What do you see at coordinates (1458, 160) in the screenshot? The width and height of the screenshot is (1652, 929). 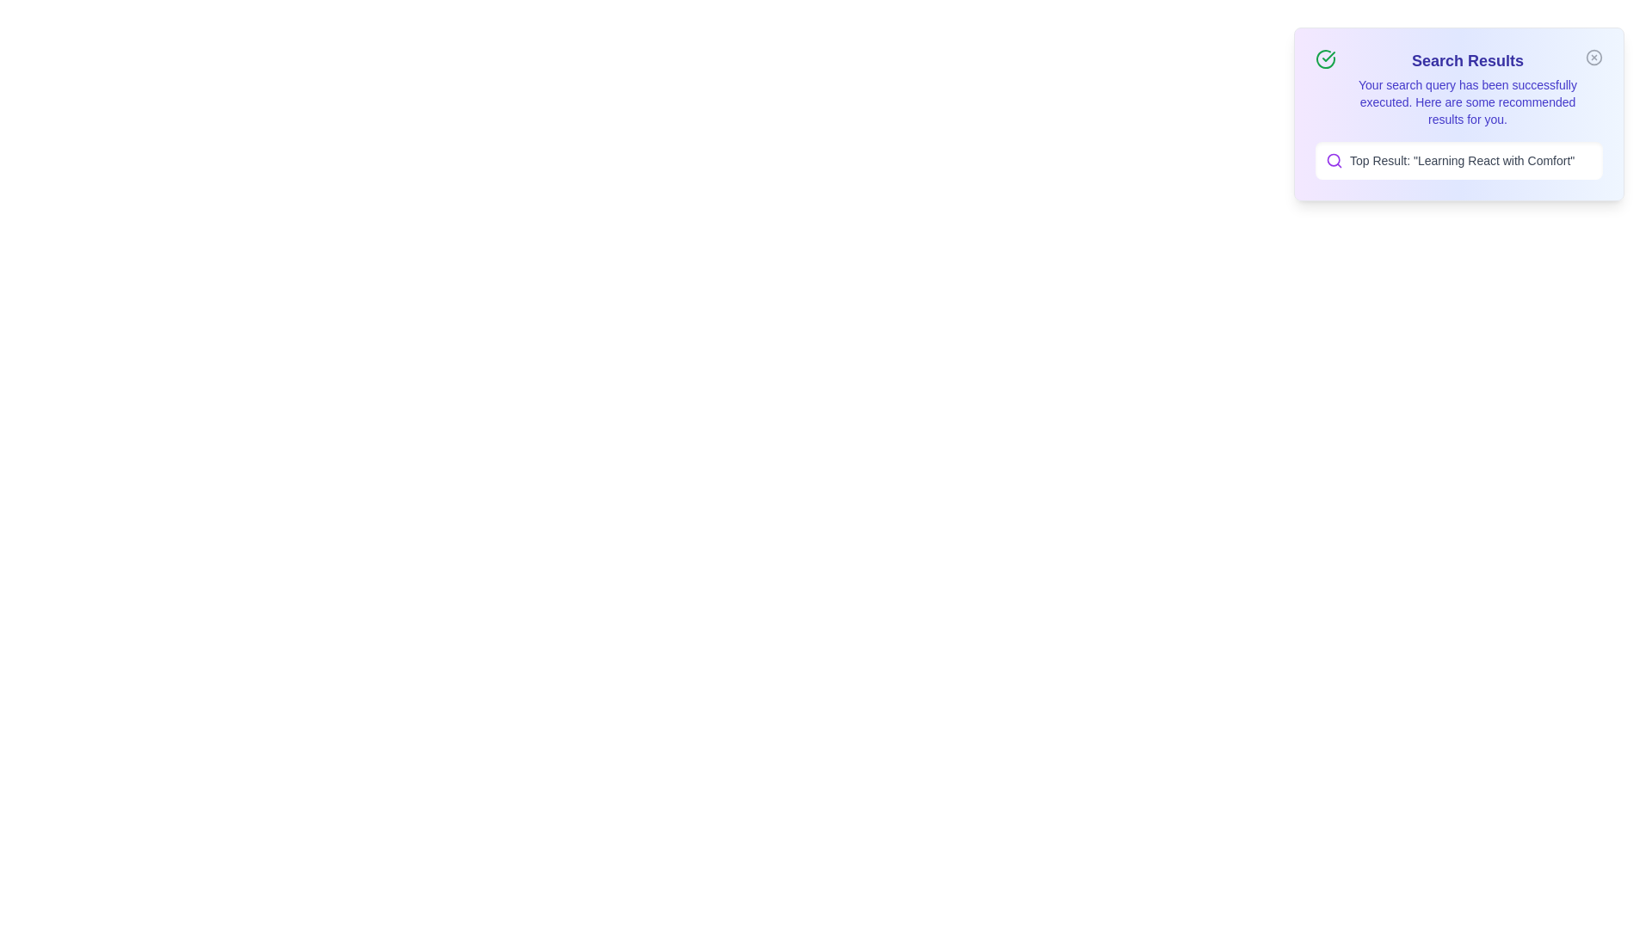 I see `the top result text to interact with it` at bounding box center [1458, 160].